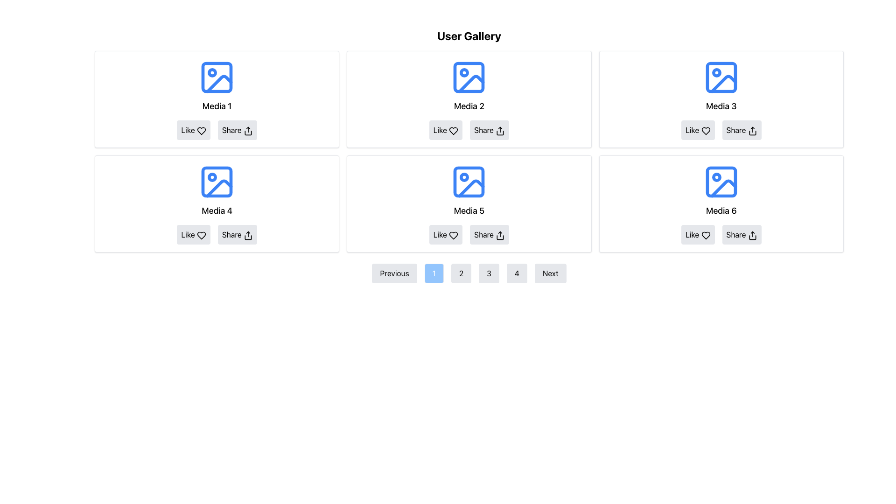 This screenshot has width=896, height=504. Describe the element at coordinates (217, 182) in the screenshot. I see `the decorative graphical component, which is the first square on the second row of a grid of interactive media preview thumbnails` at that location.